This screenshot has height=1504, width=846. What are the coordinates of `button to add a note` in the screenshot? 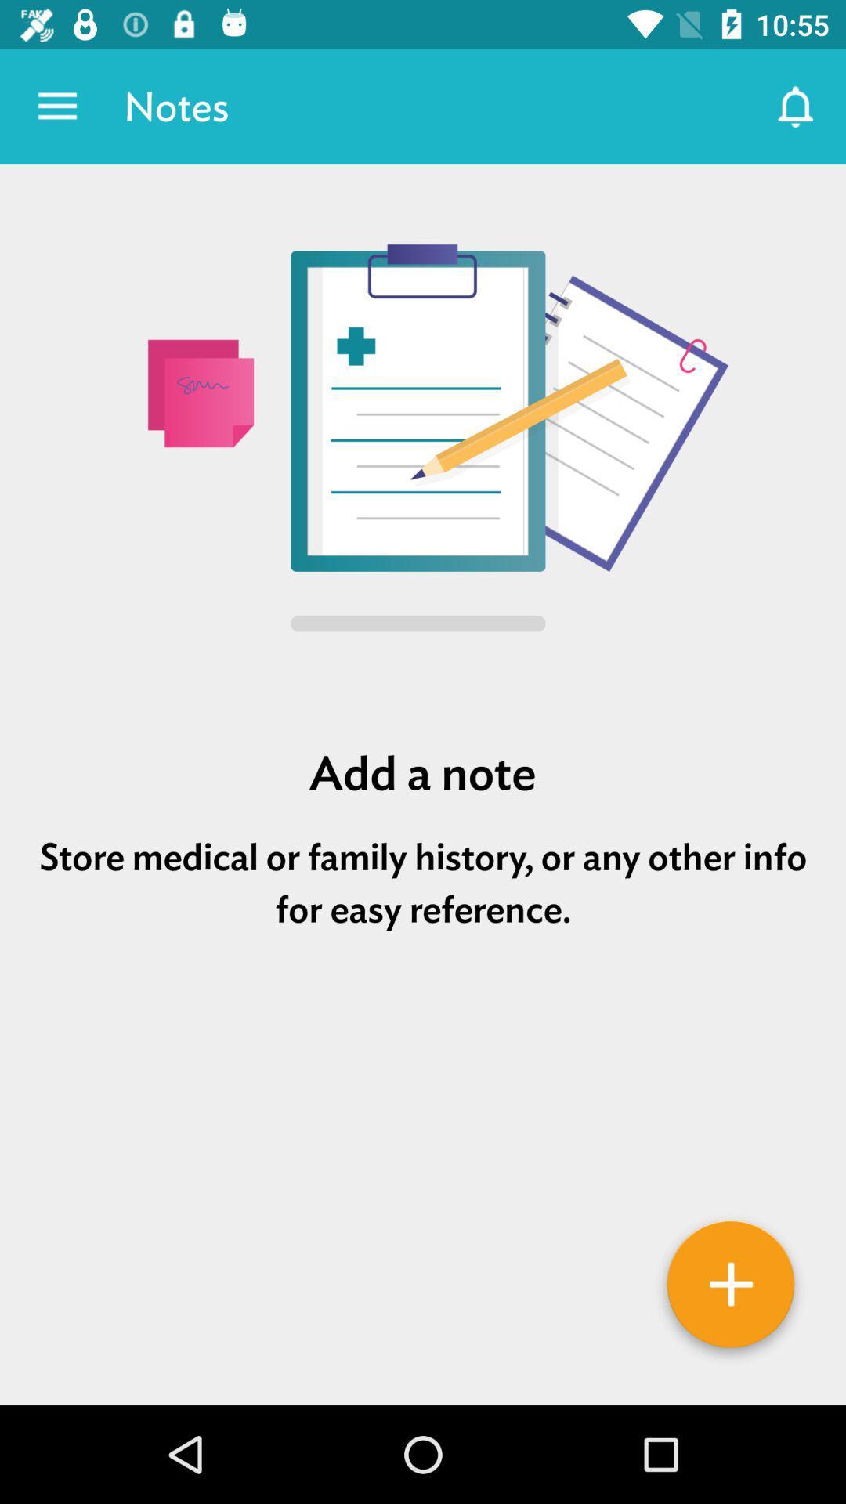 It's located at (731, 1289).